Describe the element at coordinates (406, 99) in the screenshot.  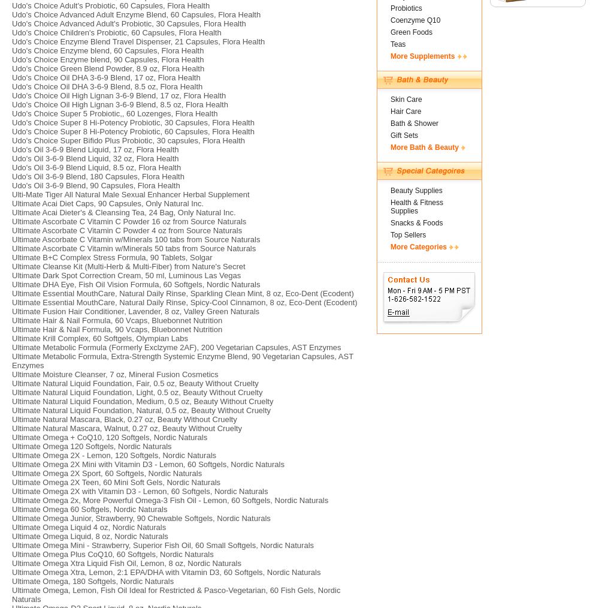
I see `'Skin Care'` at that location.